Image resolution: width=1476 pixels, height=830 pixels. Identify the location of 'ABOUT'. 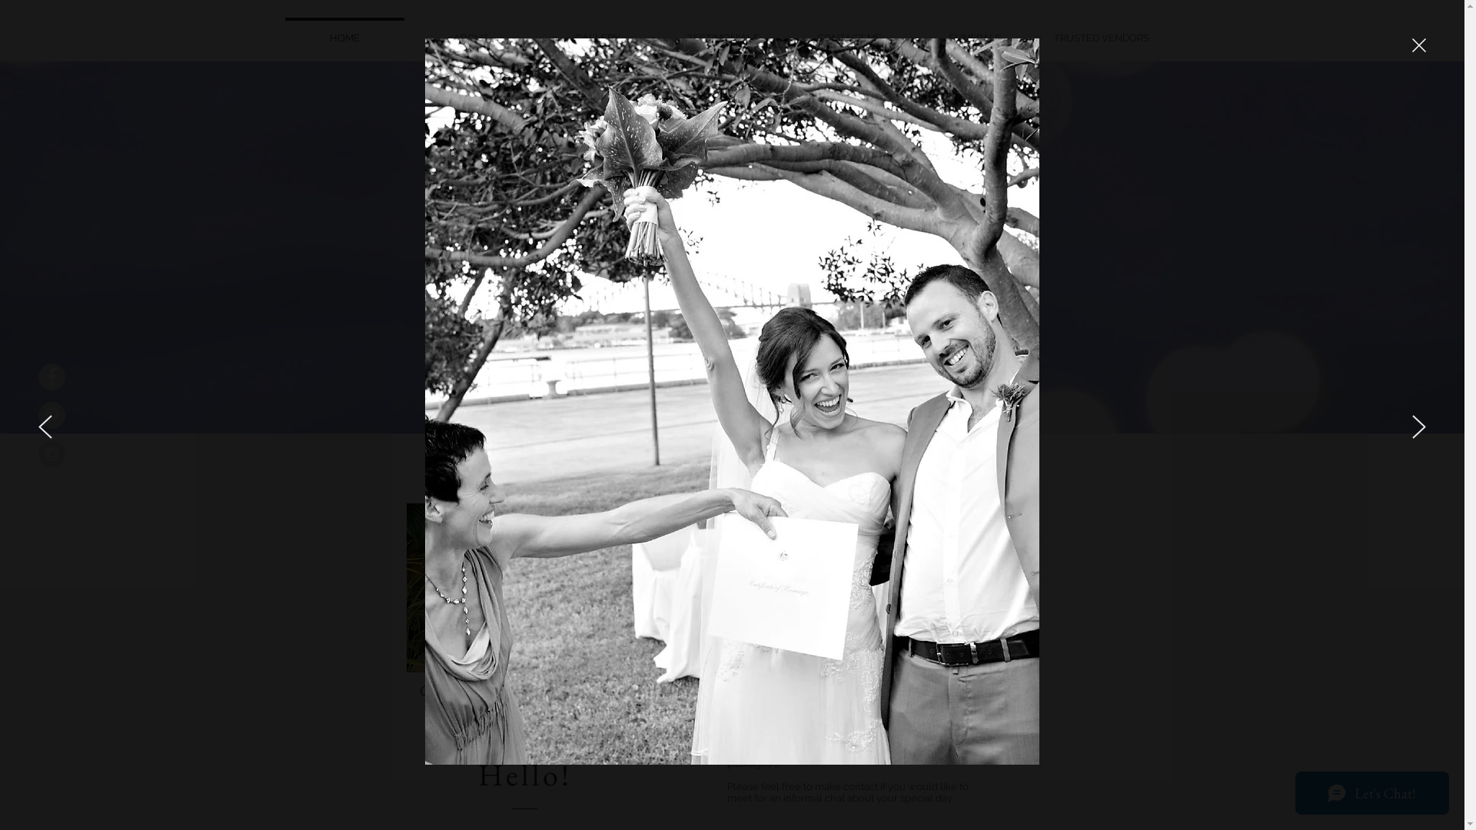
(469, 30).